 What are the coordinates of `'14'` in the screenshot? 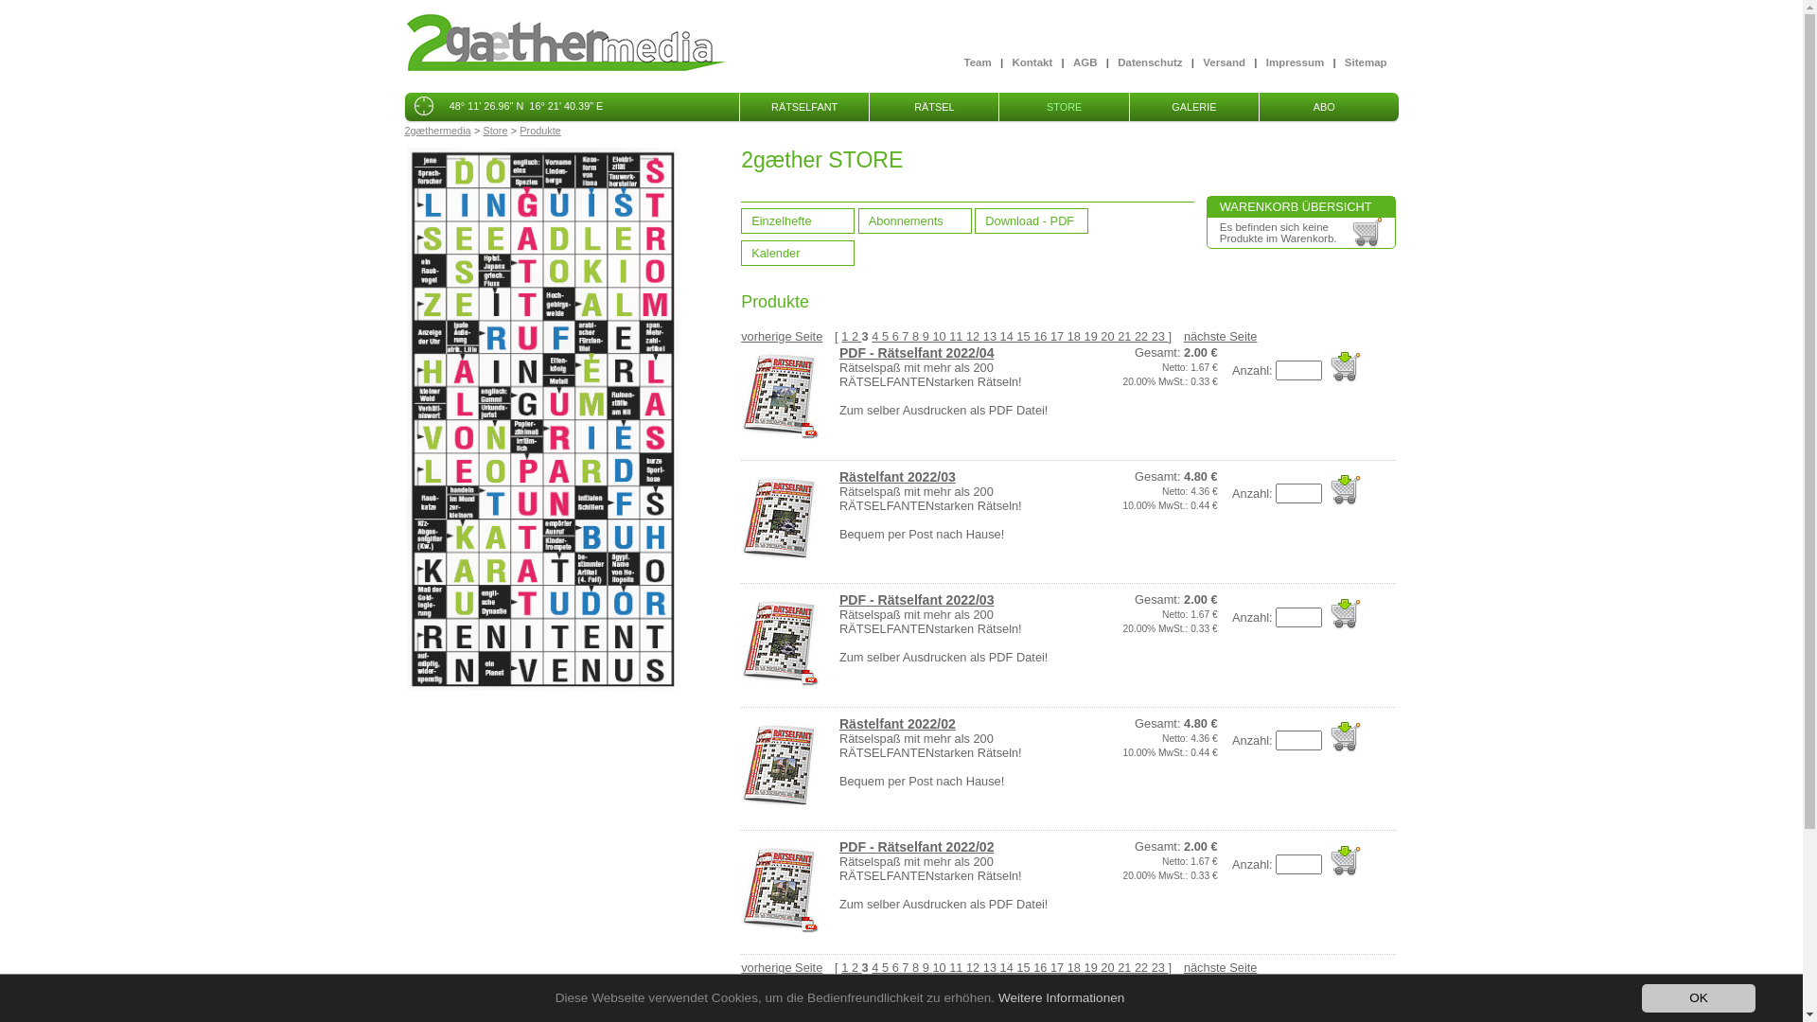 It's located at (998, 335).